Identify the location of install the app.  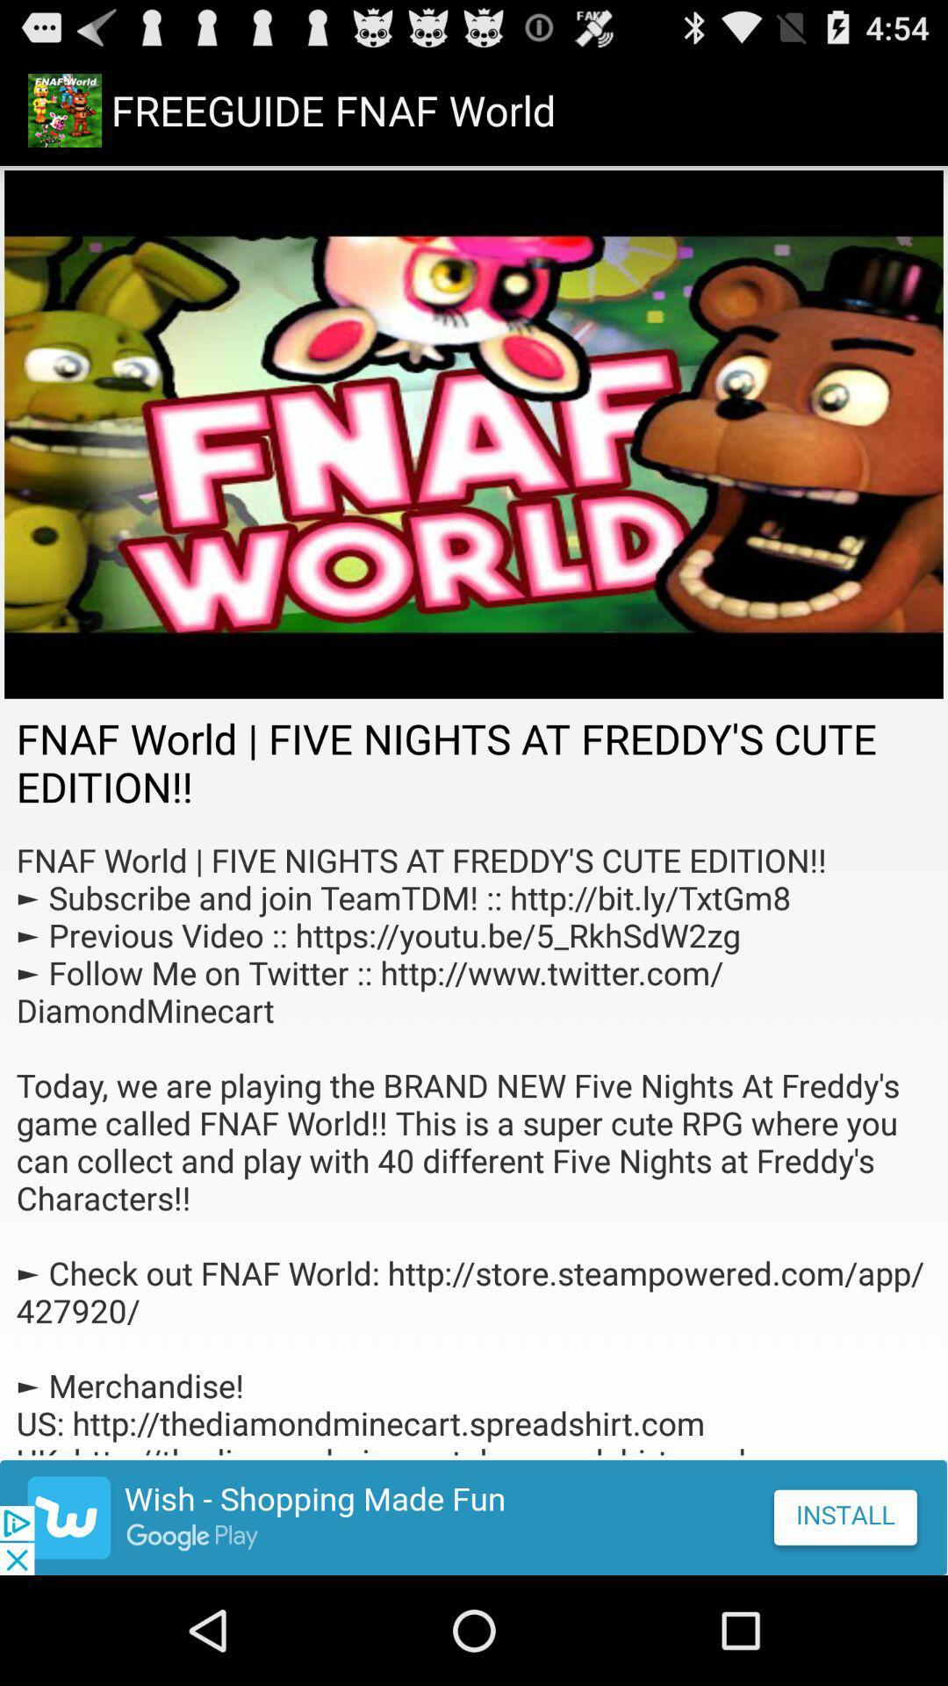
(474, 1517).